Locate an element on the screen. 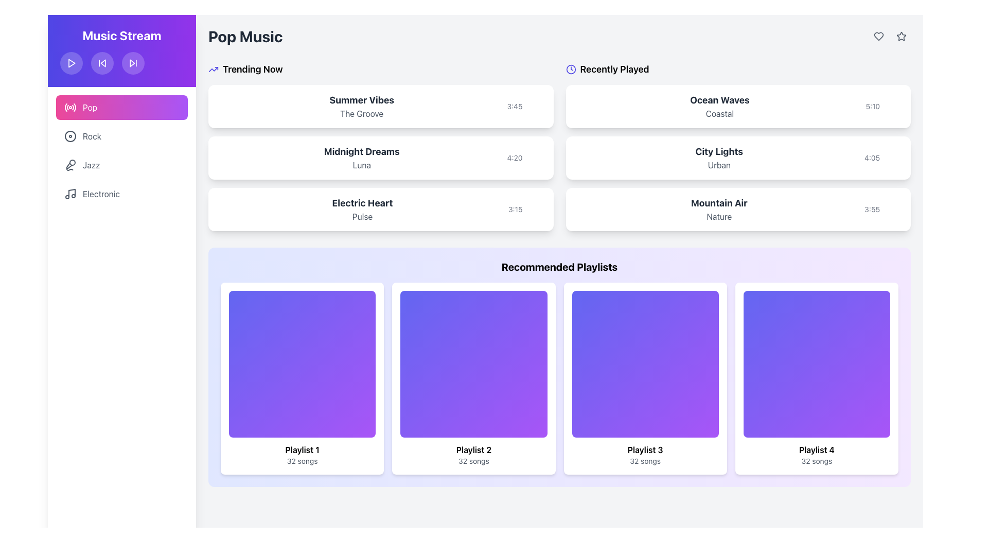  the 'Jazz' category icon located in the left-hand navigation panel, adjacent to the text label 'Jazz' is located at coordinates (70, 164).